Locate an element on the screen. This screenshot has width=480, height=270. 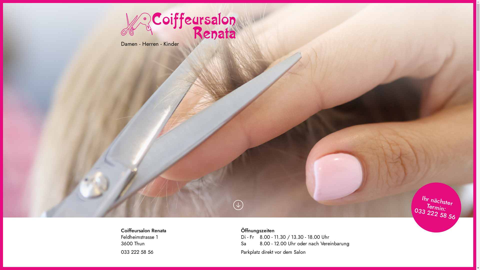
'033 222 58 56' is located at coordinates (137, 252).